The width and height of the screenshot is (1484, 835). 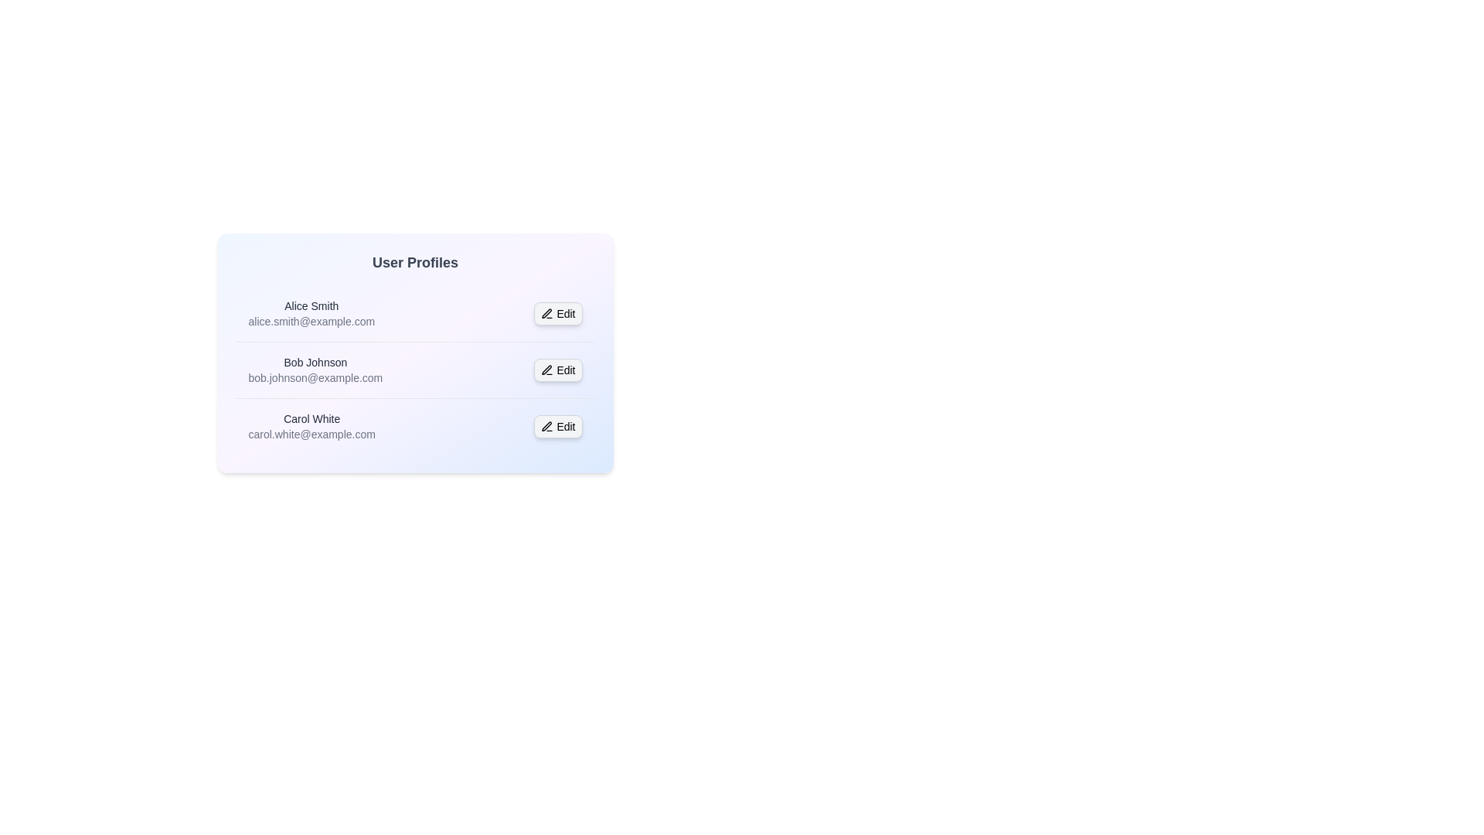 I want to click on 'Edit' button for user Alice Smith to enable editing their information, so click(x=557, y=313).